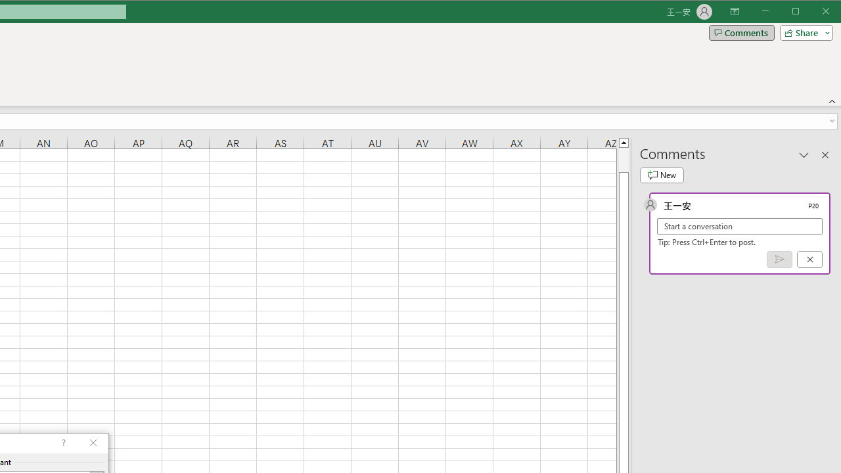 This screenshot has height=473, width=841. I want to click on 'Minimize', so click(799, 12).